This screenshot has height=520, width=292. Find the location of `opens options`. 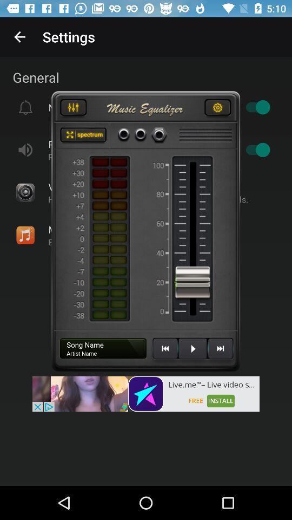

opens options is located at coordinates (217, 109).